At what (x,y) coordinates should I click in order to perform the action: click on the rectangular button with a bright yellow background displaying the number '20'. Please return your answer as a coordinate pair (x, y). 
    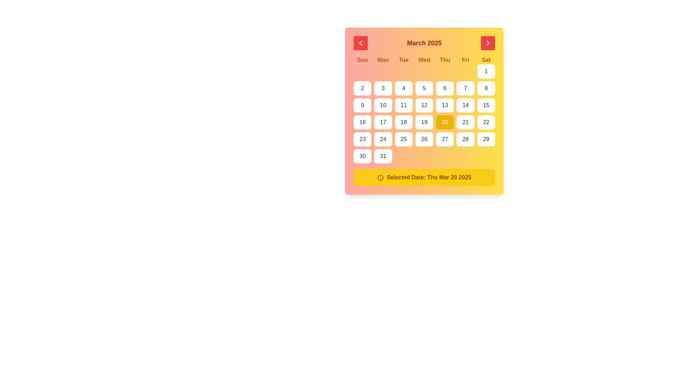
    Looking at the image, I should click on (445, 122).